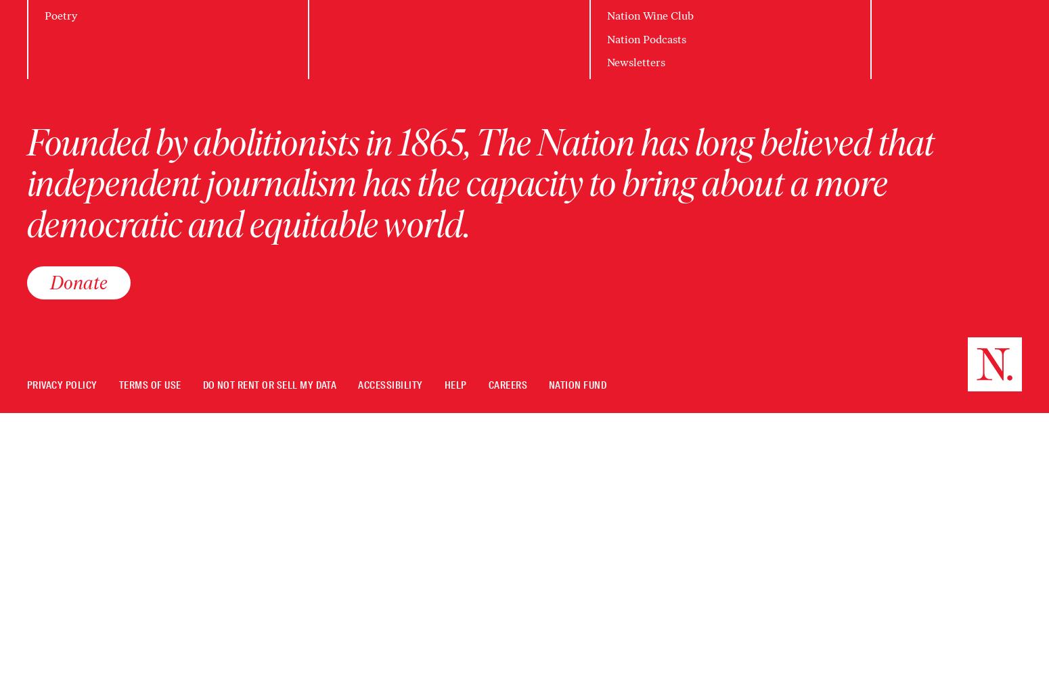  What do you see at coordinates (577, 385) in the screenshot?
I see `'Nation Fund'` at bounding box center [577, 385].